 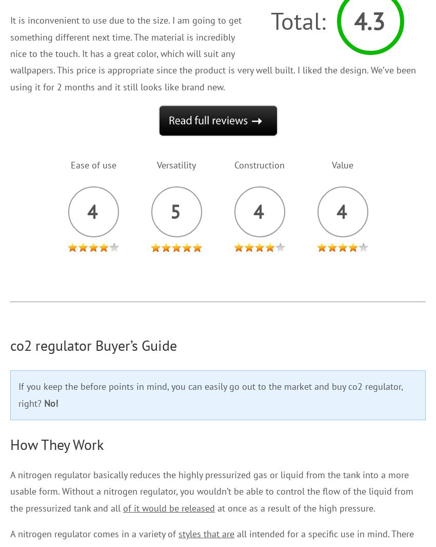 I want to click on '5', so click(x=169, y=211).